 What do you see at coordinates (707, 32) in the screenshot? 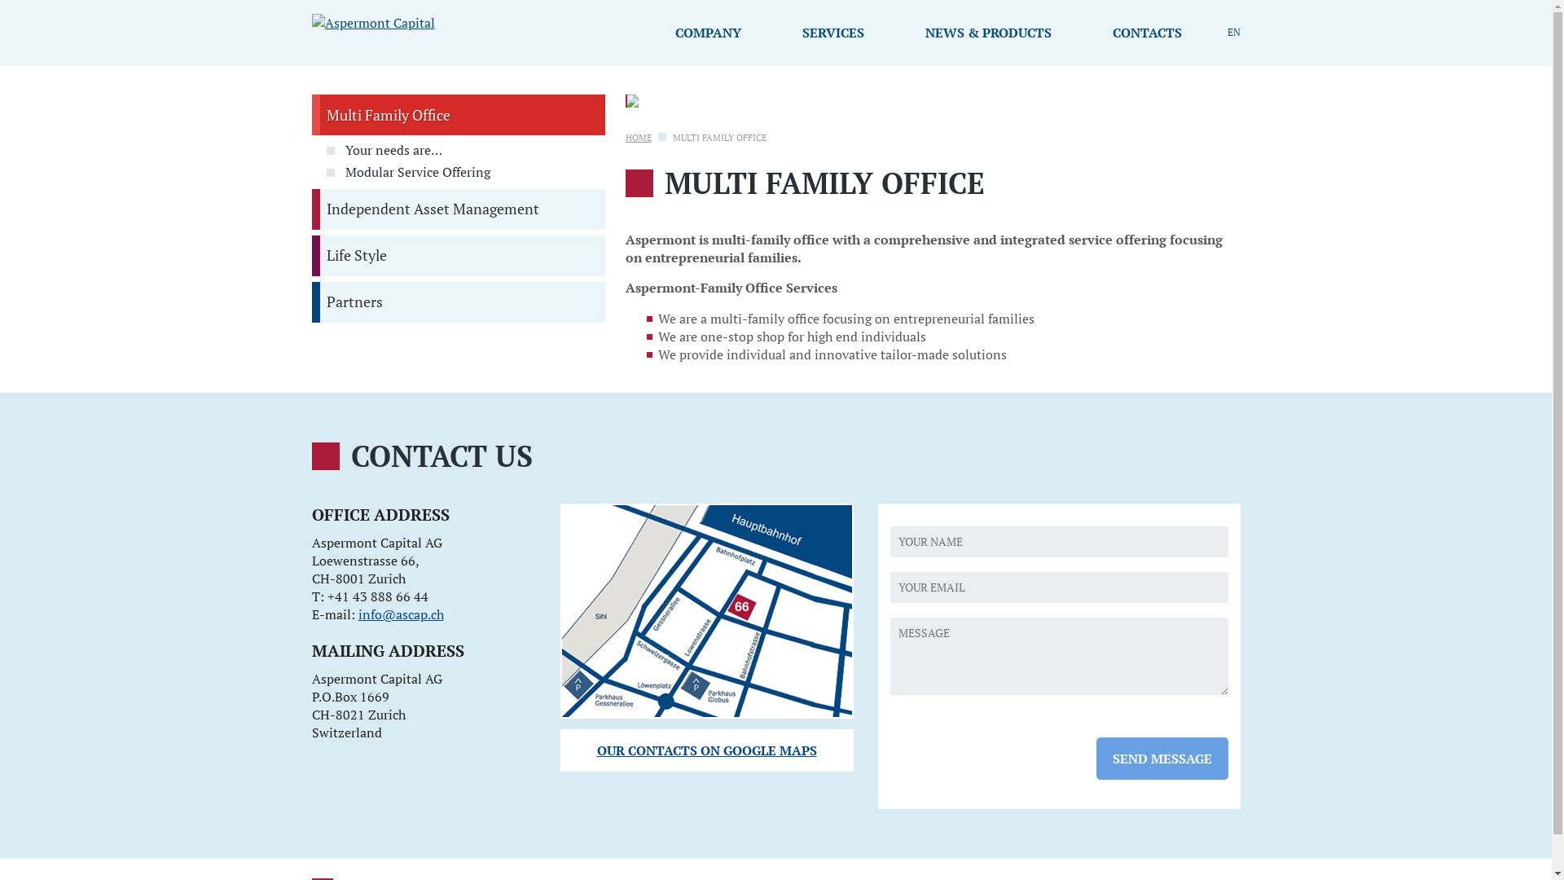
I see `'COMPANY'` at bounding box center [707, 32].